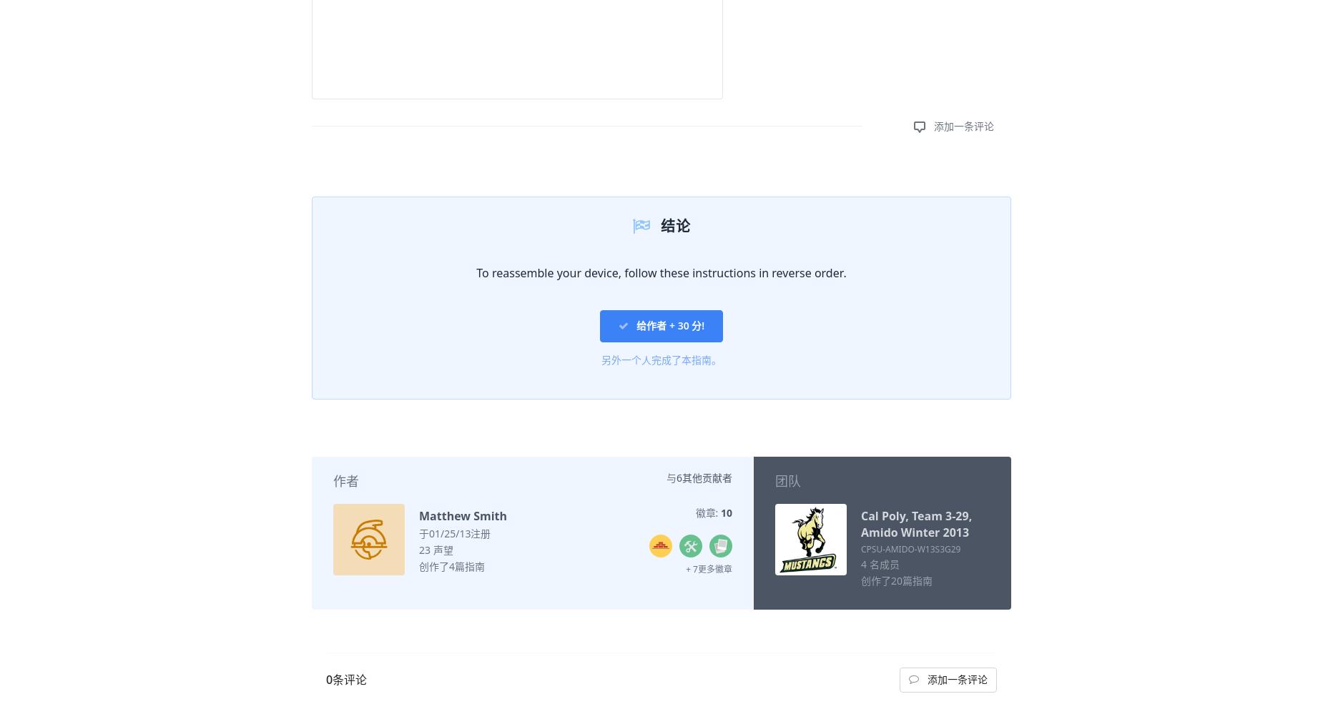 The height and width of the screenshot is (714, 1323). Describe the element at coordinates (436, 548) in the screenshot. I see `'23 声望'` at that location.